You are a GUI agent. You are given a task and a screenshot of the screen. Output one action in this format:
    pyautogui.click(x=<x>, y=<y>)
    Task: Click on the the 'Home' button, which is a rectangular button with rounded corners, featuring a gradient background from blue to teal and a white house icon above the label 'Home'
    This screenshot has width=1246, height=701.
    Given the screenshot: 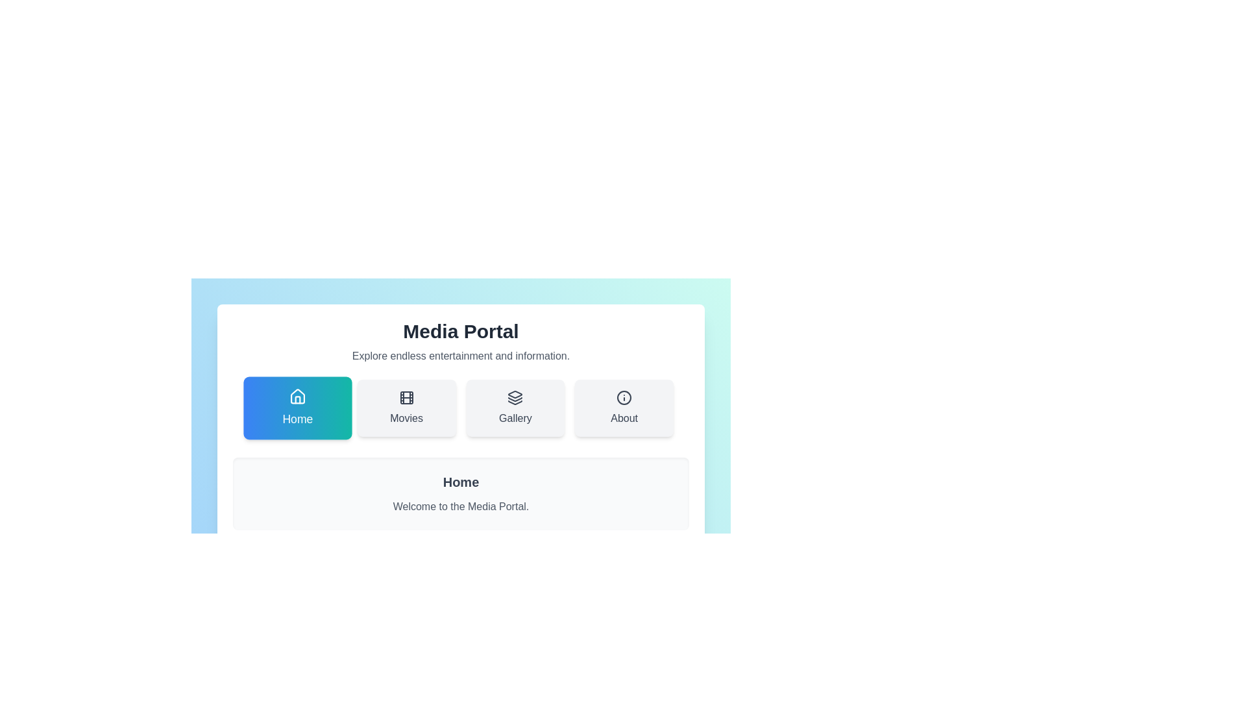 What is the action you would take?
    pyautogui.click(x=296, y=407)
    